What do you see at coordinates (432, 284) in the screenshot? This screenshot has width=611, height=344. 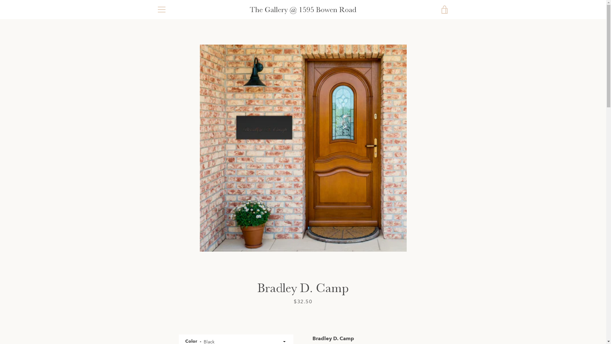 I see `'SUBSCRIBE'` at bounding box center [432, 284].